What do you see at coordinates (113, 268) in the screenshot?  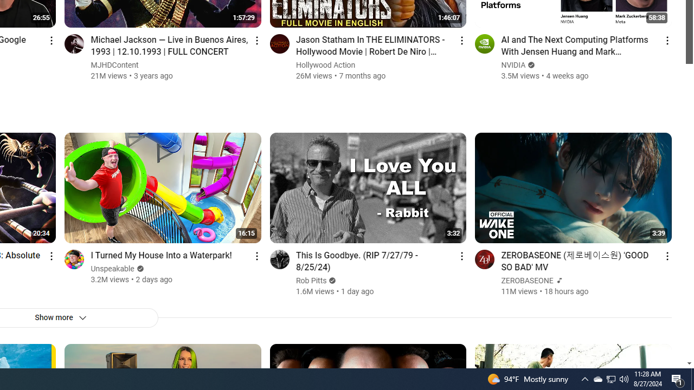 I see `'Unspeakable'` at bounding box center [113, 268].